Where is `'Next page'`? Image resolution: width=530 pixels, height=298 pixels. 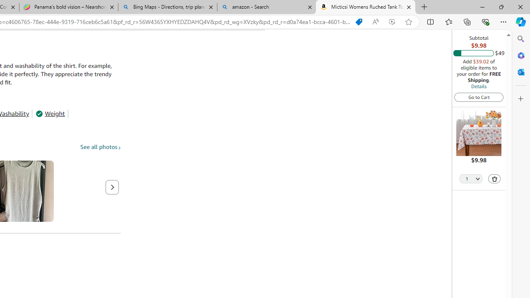 'Next page' is located at coordinates (112, 187).